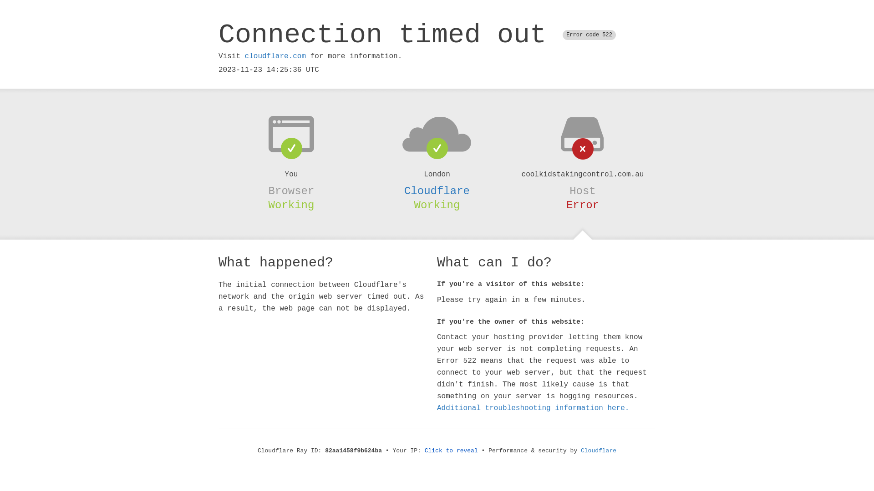 The height and width of the screenshot is (491, 874). I want to click on 'cloudflare.com', so click(244, 56).